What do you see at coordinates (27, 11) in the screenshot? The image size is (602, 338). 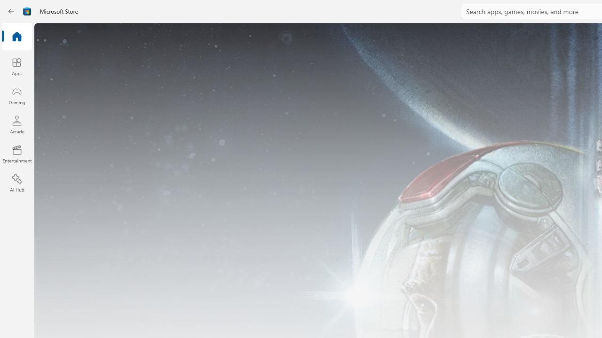 I see `'Class: Image'` at bounding box center [27, 11].